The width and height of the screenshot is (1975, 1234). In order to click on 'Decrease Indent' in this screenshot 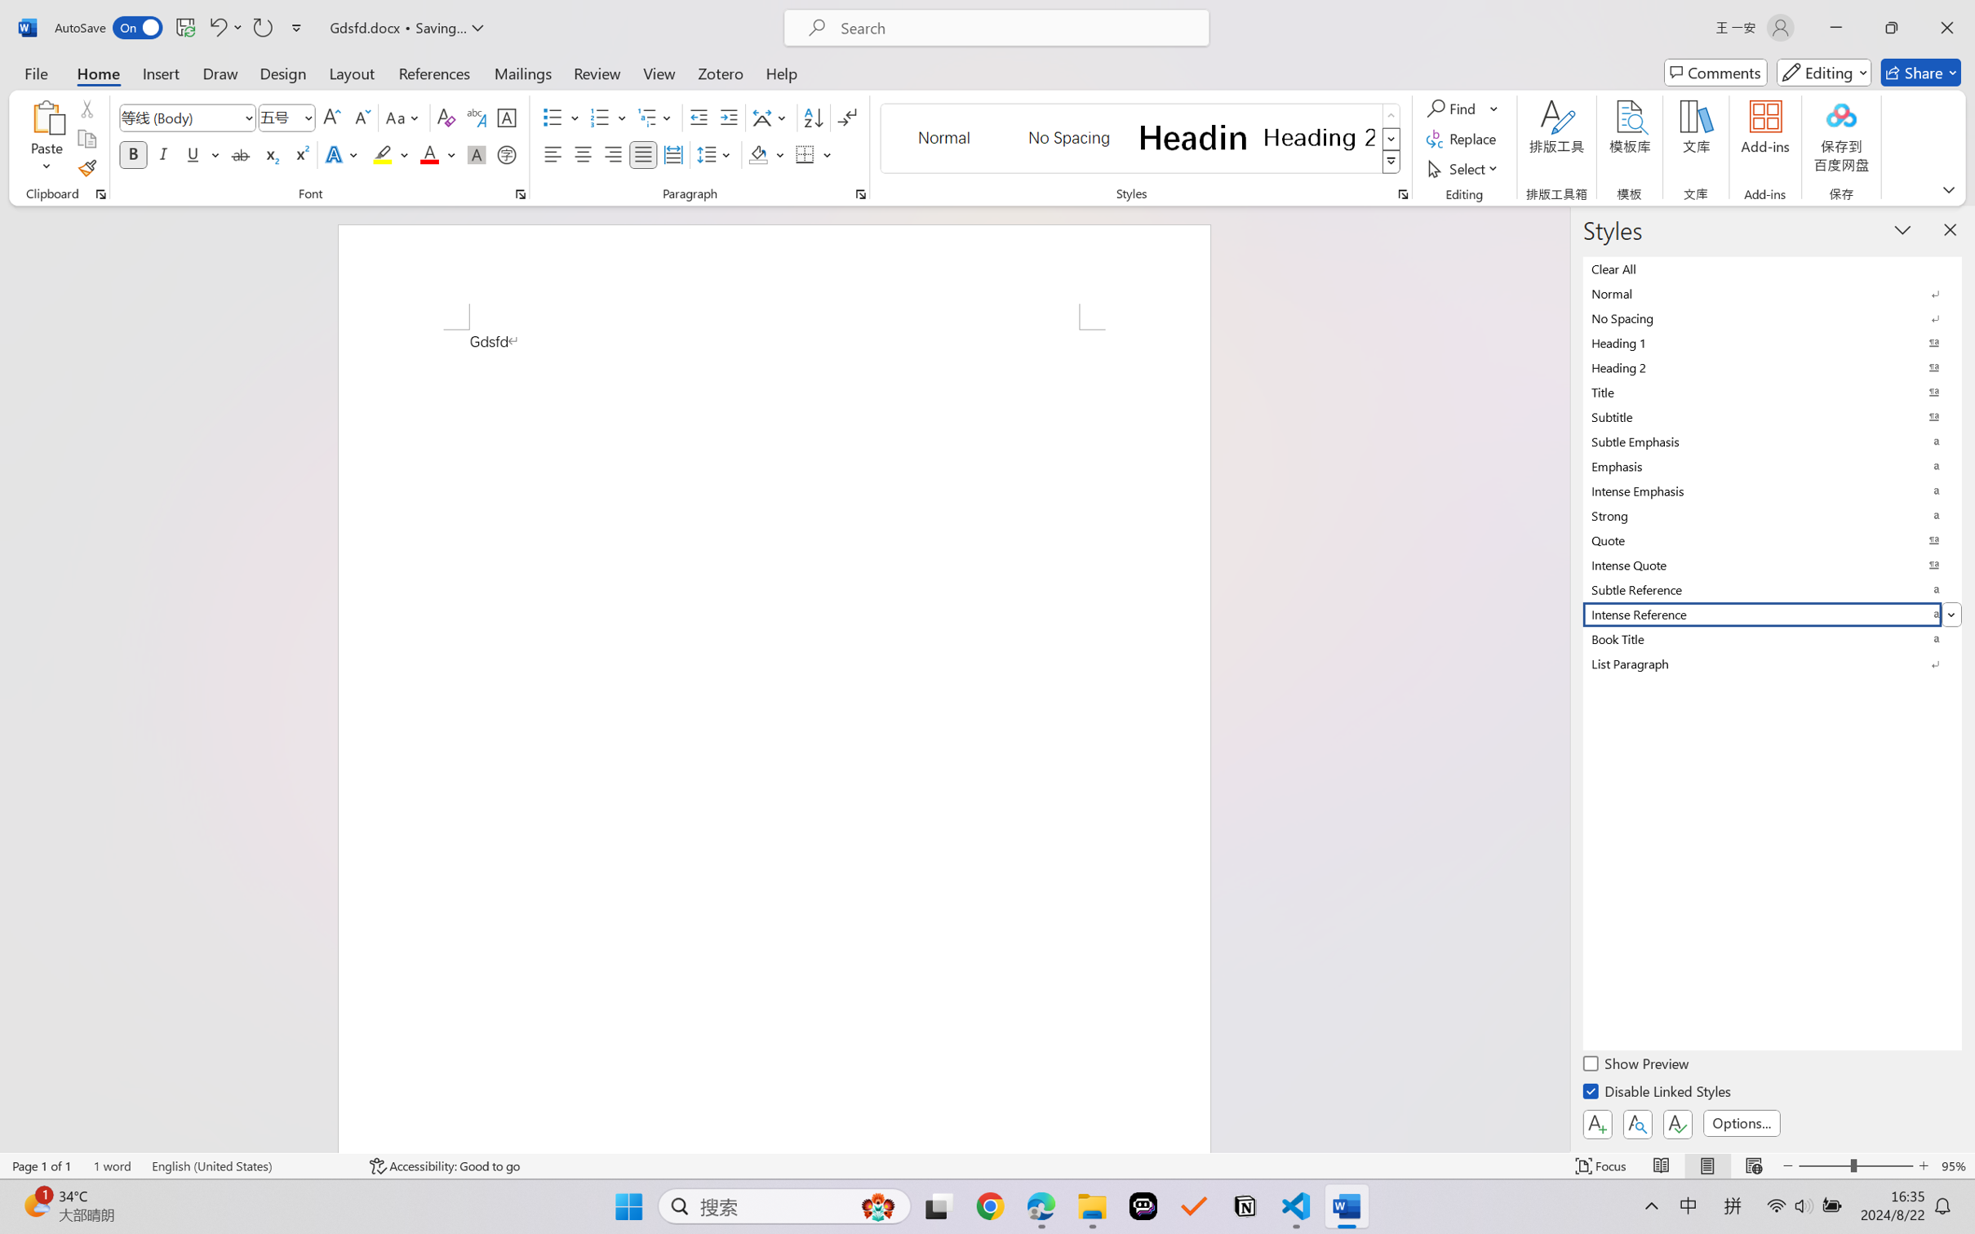, I will do `click(699, 118)`.